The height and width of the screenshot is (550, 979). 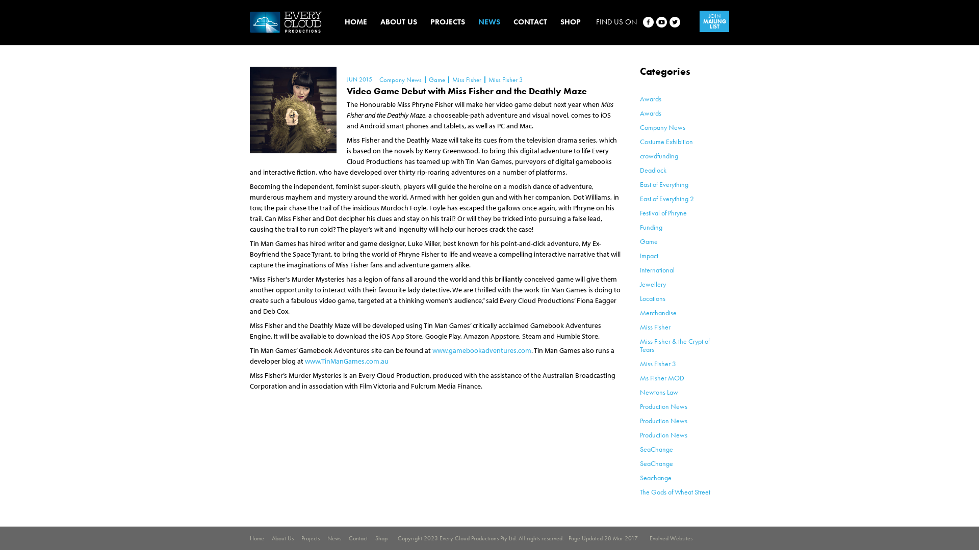 What do you see at coordinates (648, 255) in the screenshot?
I see `'Impact'` at bounding box center [648, 255].